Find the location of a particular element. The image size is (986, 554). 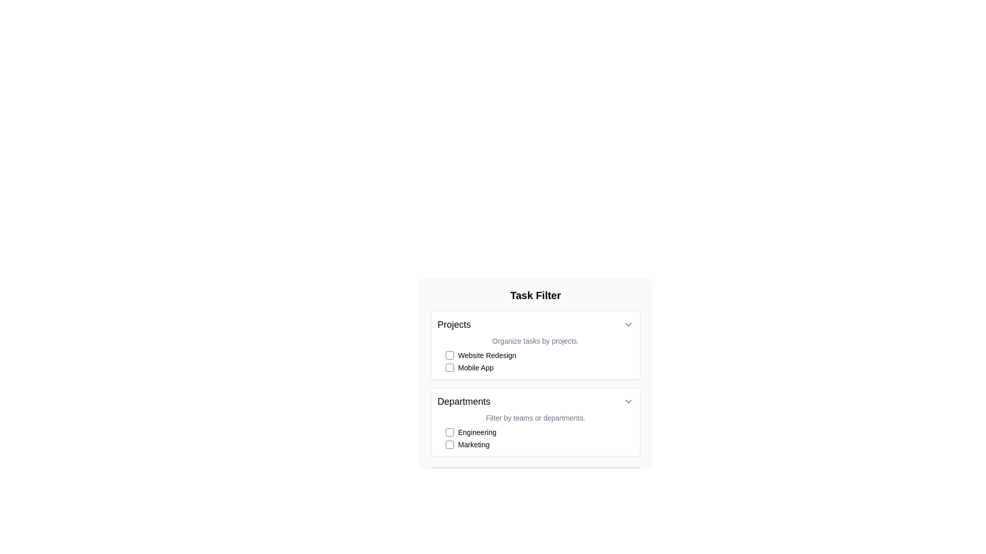

the checkbox labeled 'Website Redesign' in the 'Projects' section is located at coordinates (539, 355).